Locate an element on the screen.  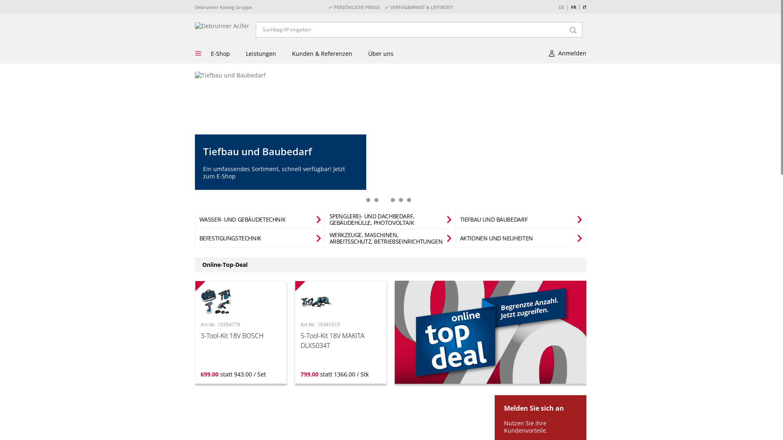
'FR' is located at coordinates (571, 7).